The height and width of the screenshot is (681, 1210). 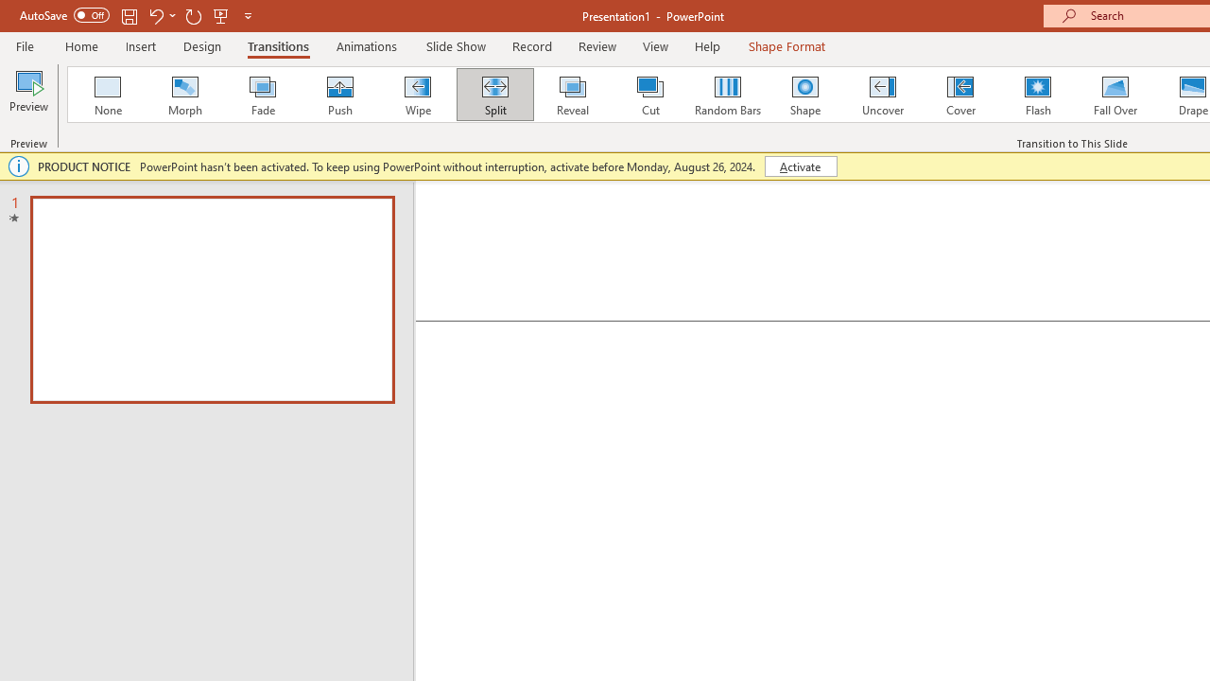 What do you see at coordinates (494, 95) in the screenshot?
I see `'Split'` at bounding box center [494, 95].